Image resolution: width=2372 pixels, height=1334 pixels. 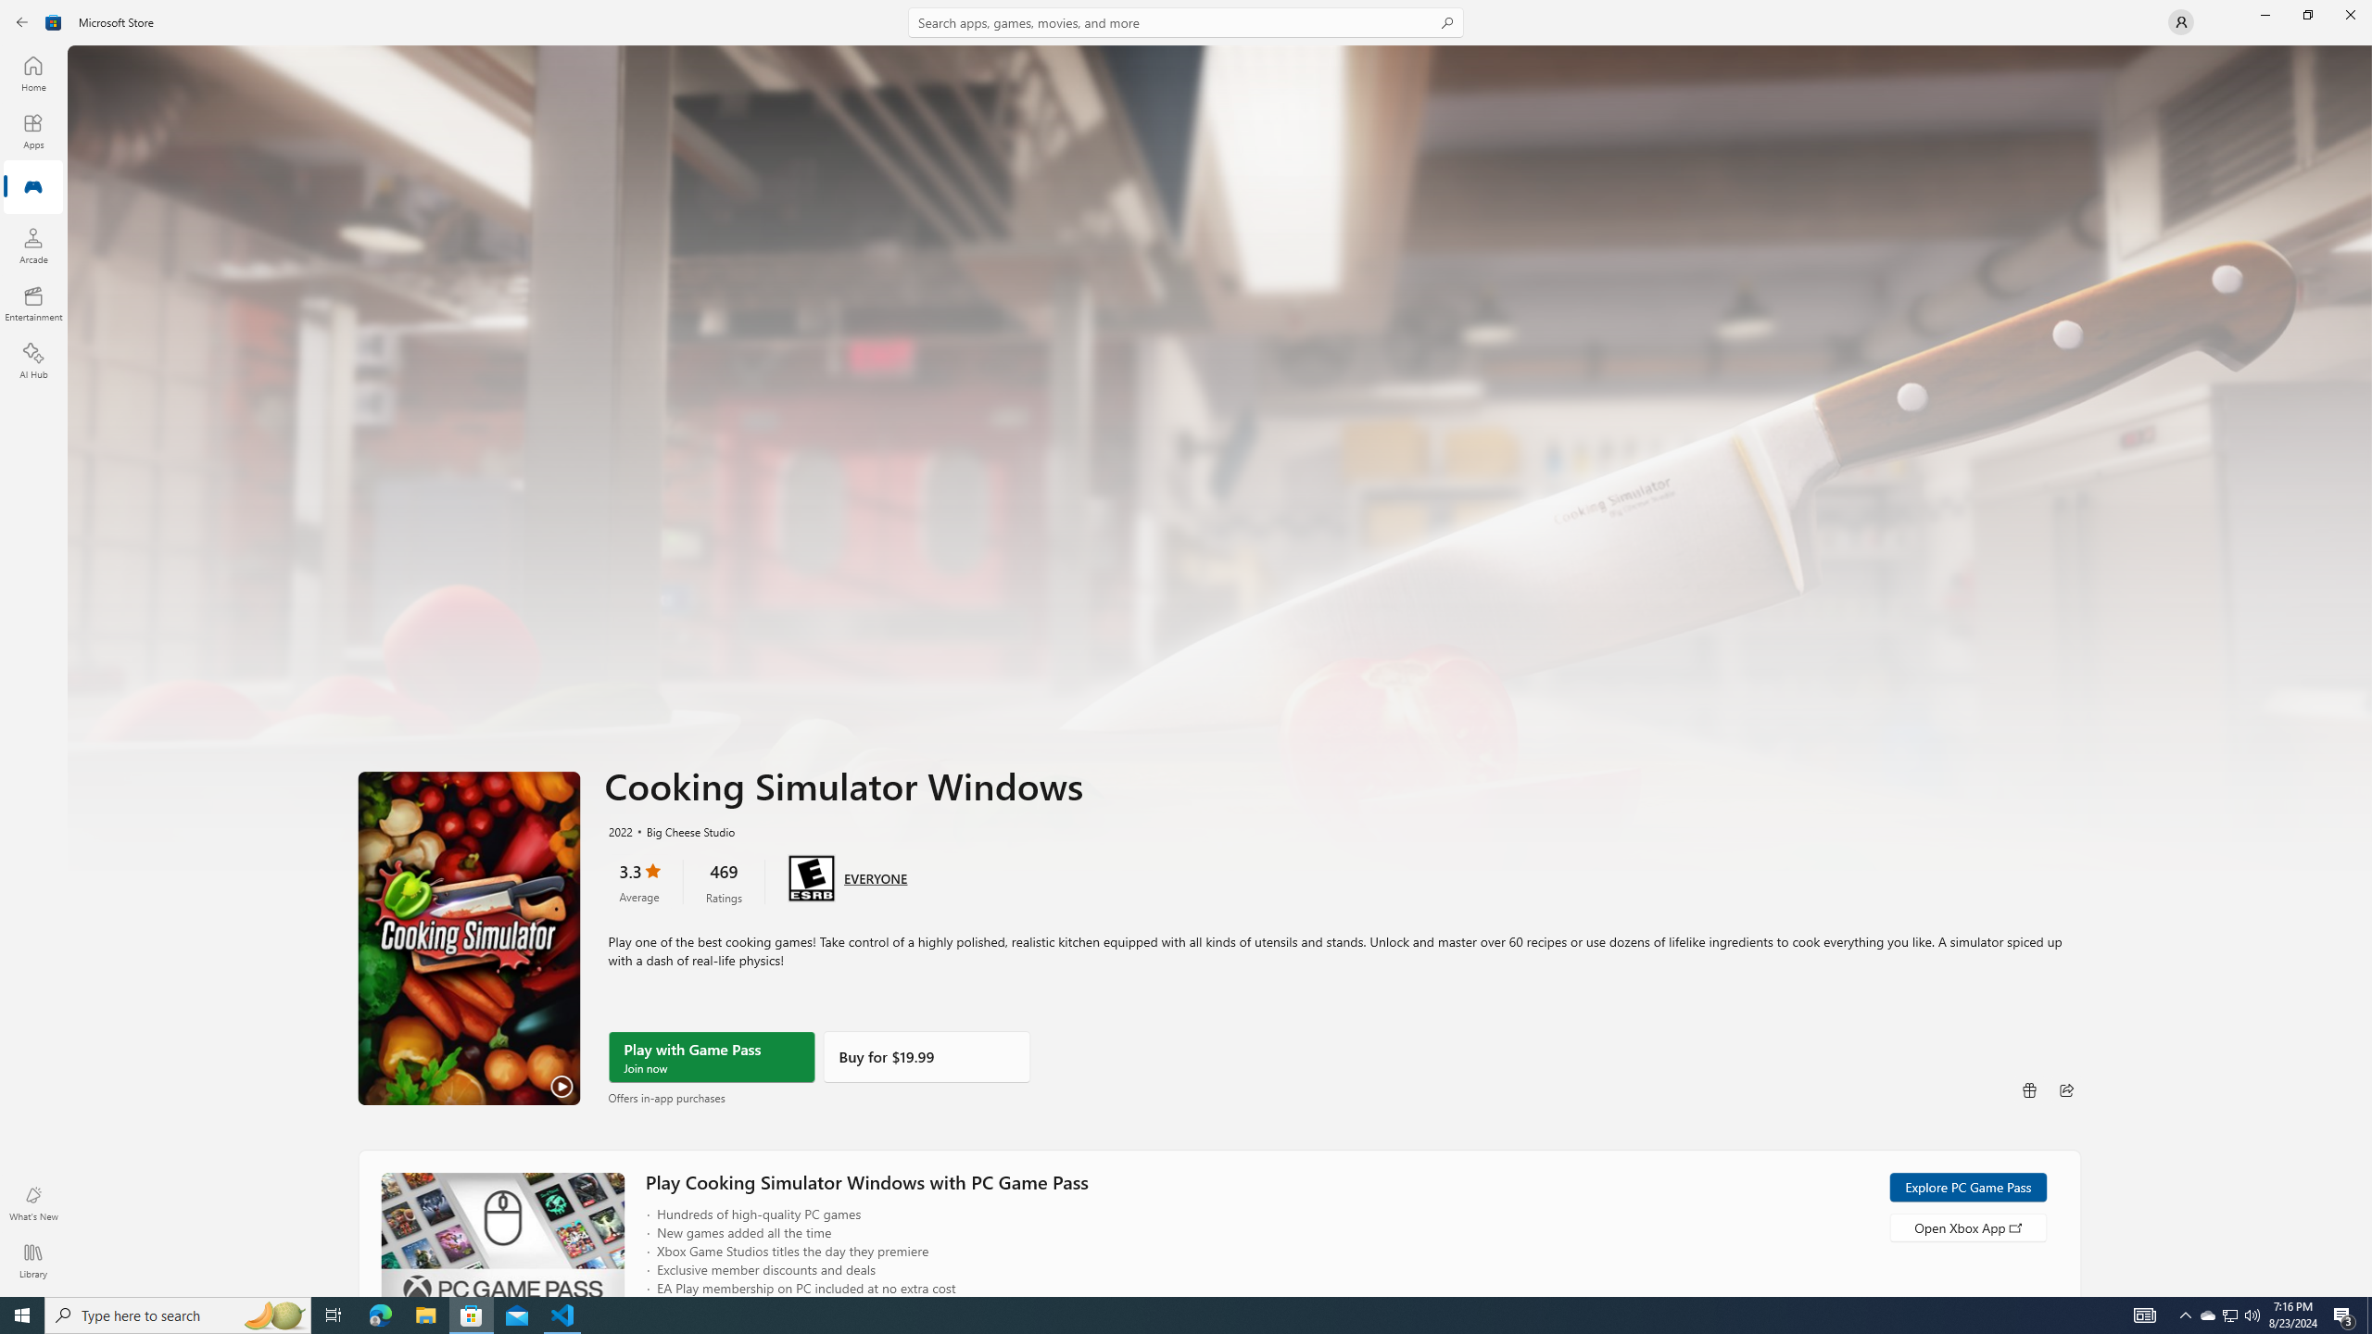 I want to click on '2022', so click(x=619, y=830).